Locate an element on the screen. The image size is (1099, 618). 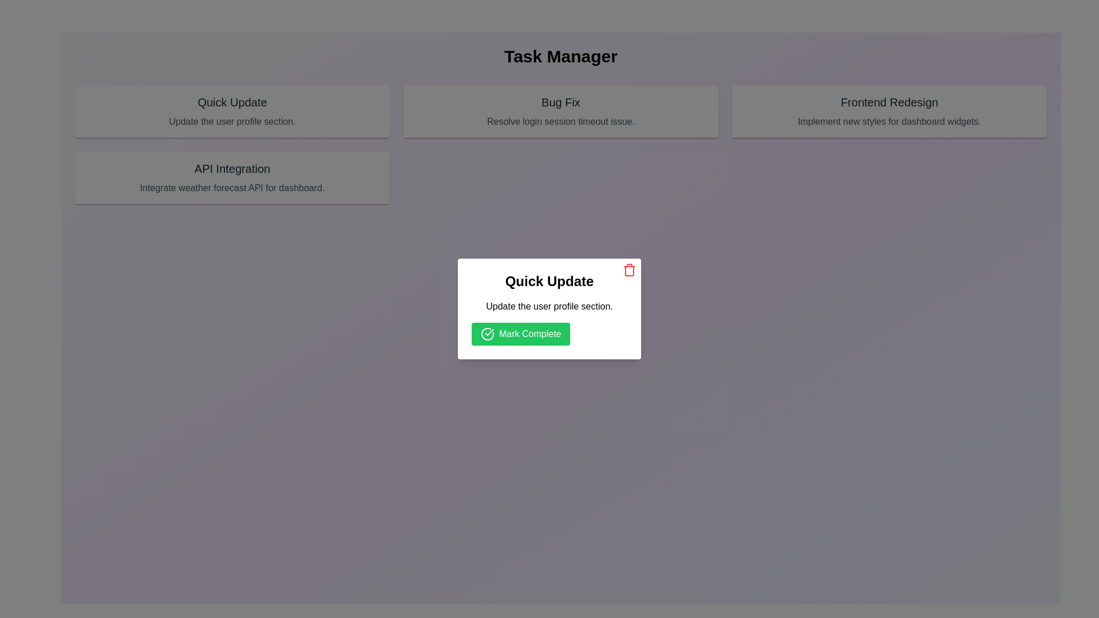
the checkmark icon embedded inside a circular background, which is located above the green button labeled 'Mark Complete' in the modal is located at coordinates (489, 332).